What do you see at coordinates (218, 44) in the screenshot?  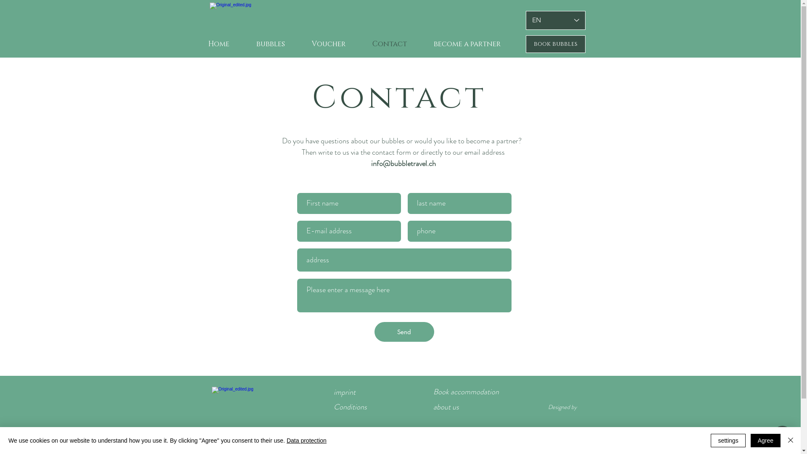 I see `'Home'` at bounding box center [218, 44].